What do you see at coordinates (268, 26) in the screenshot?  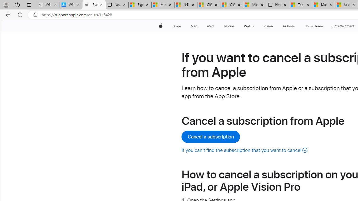 I see `'Vision'` at bounding box center [268, 26].